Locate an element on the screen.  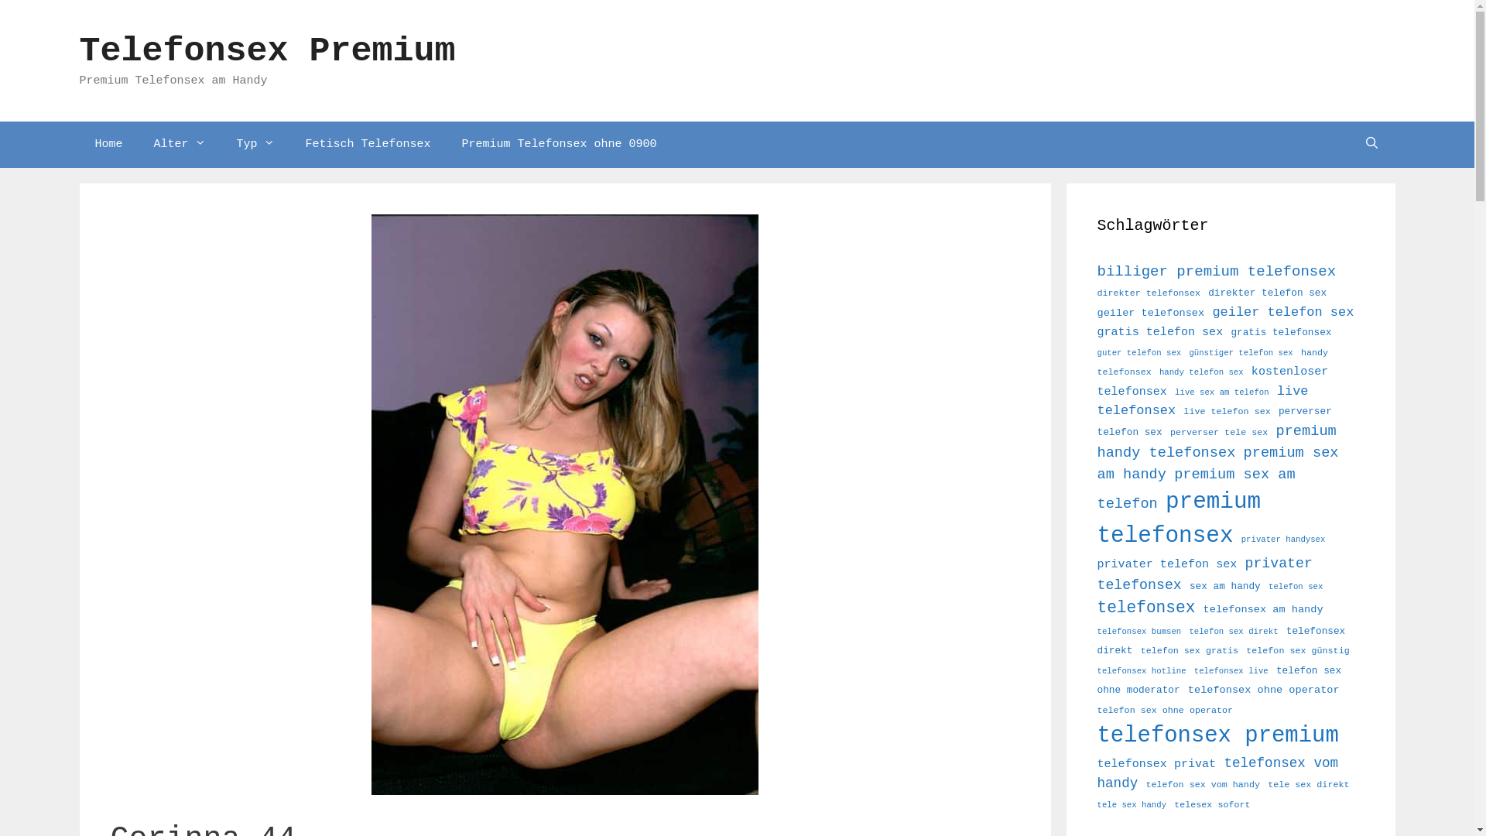
'telesex sofort' is located at coordinates (1210, 804).